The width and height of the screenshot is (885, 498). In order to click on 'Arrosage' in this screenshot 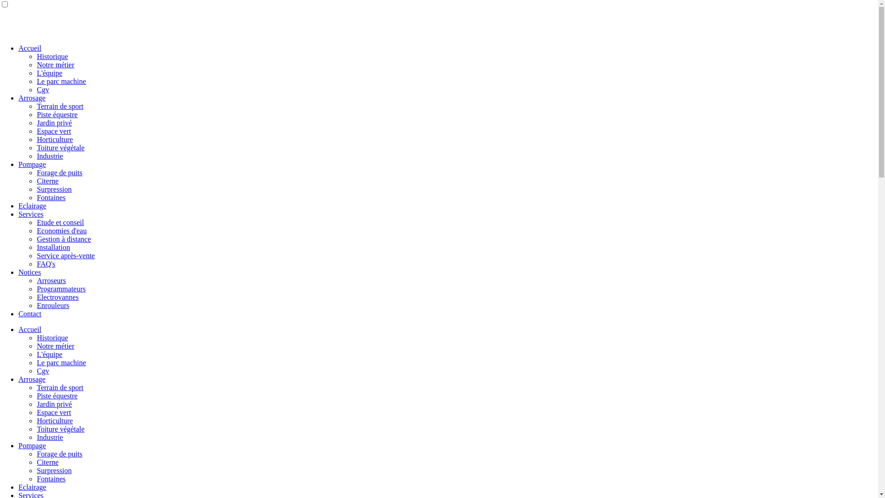, I will do `click(32, 379)`.